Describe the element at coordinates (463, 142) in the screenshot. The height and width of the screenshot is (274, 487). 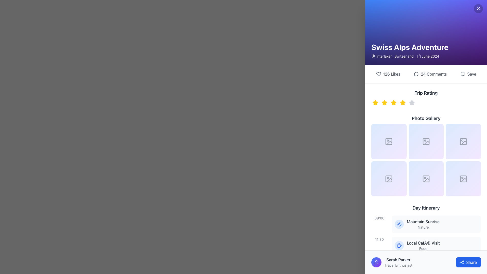
I see `the square image placeholder with a gradient background and a centered image icon in the top-right position of the 'Photo Gallery' section` at that location.